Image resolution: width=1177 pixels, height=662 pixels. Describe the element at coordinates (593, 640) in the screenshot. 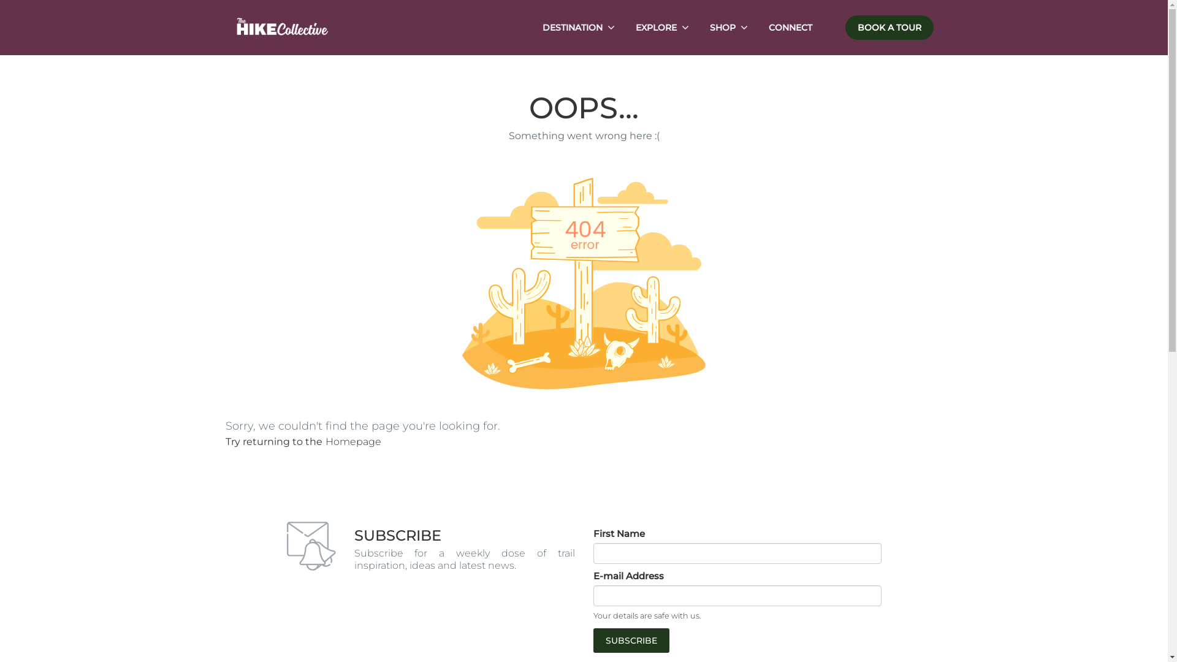

I see `'SUBSCRIBE'` at that location.